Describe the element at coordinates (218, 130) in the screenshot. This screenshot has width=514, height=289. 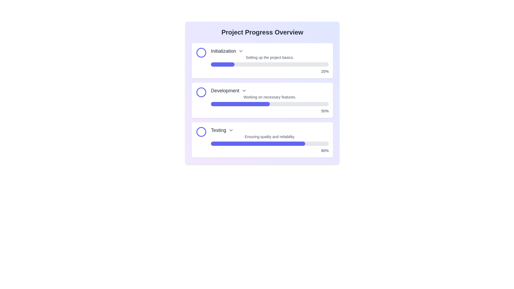
I see `the text label displaying 'Testing' to initiate related actions or navigation` at that location.